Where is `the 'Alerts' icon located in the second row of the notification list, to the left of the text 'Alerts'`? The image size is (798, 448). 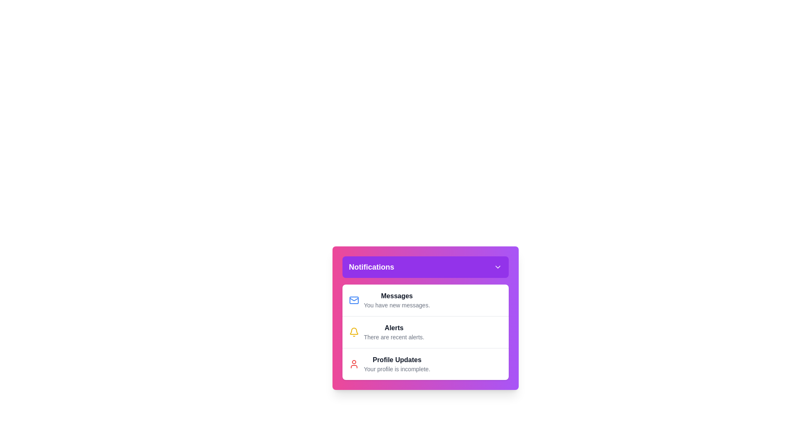 the 'Alerts' icon located in the second row of the notification list, to the left of the text 'Alerts' is located at coordinates (354, 332).